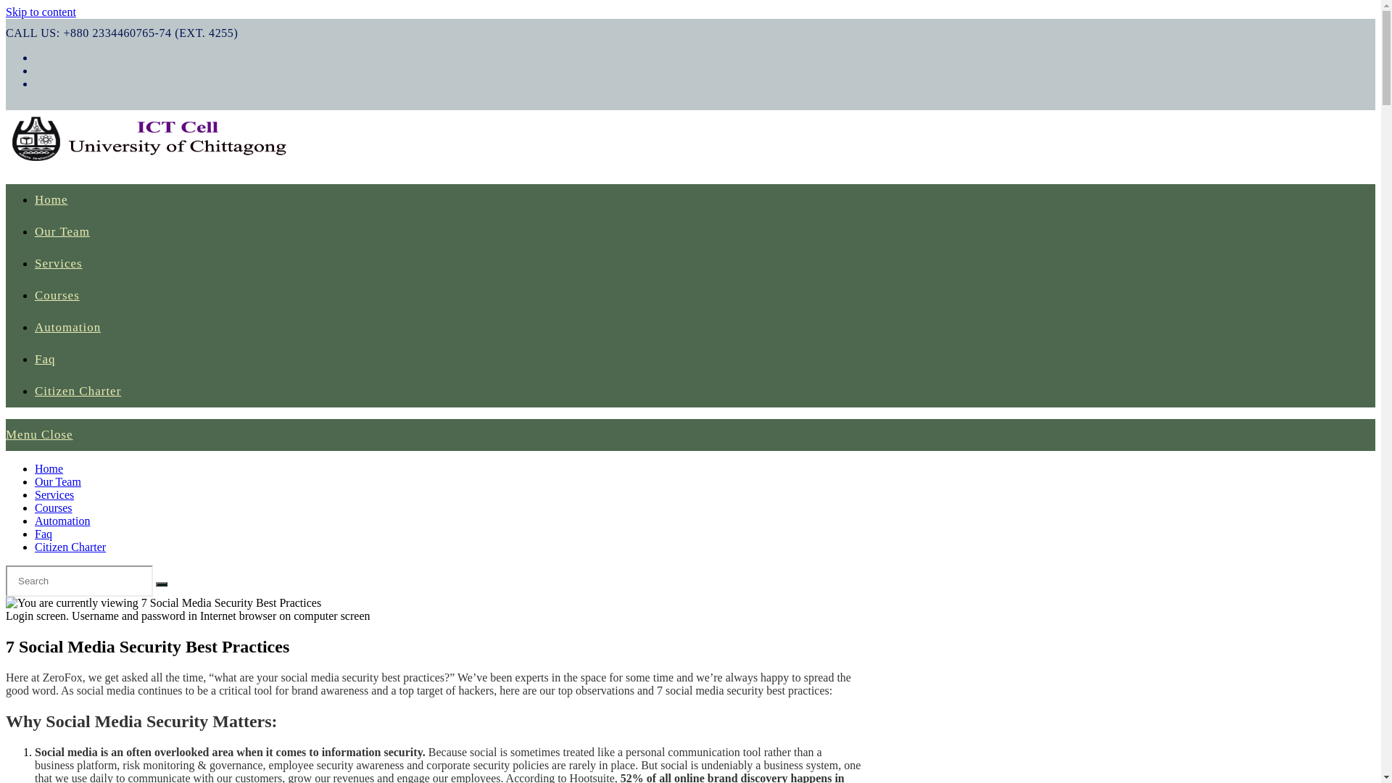  I want to click on 'Automation', so click(67, 327).